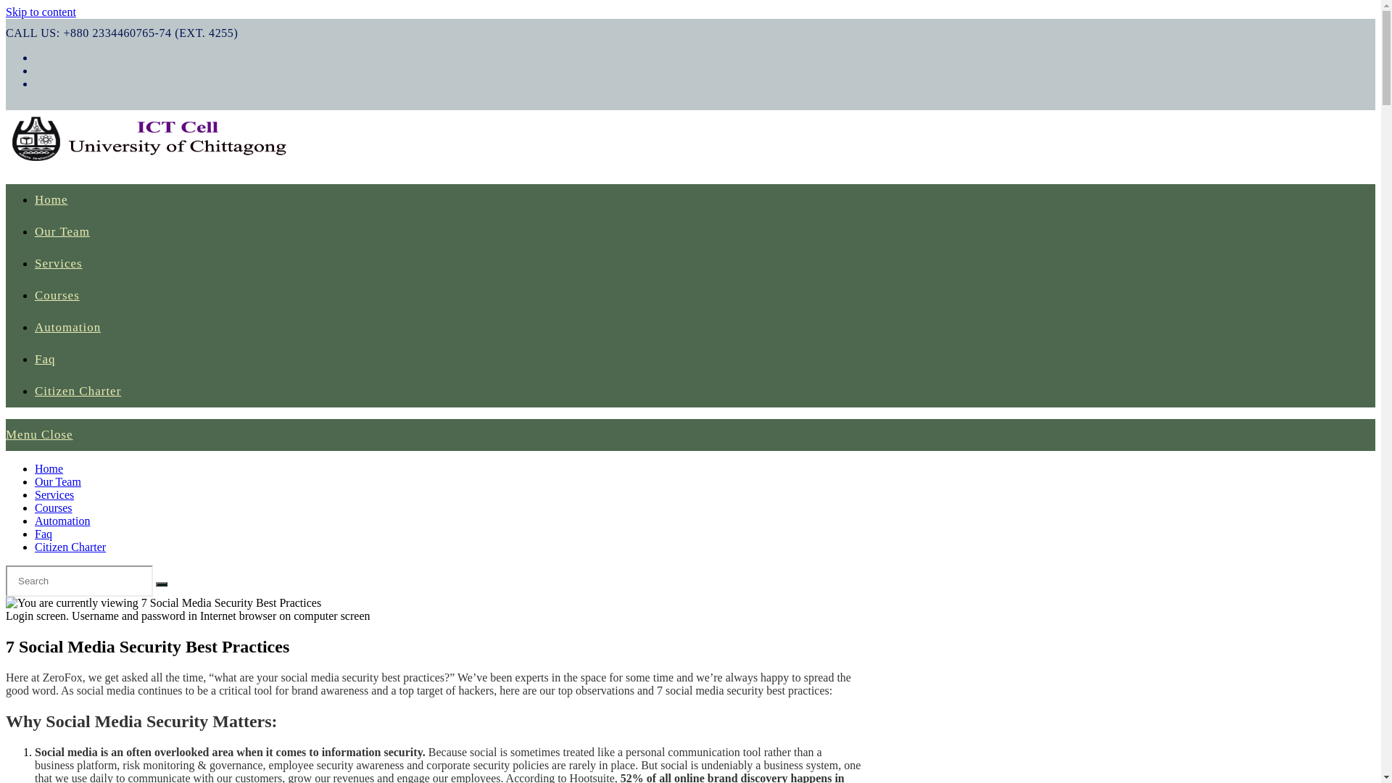  I want to click on 'Automation', so click(67, 327).